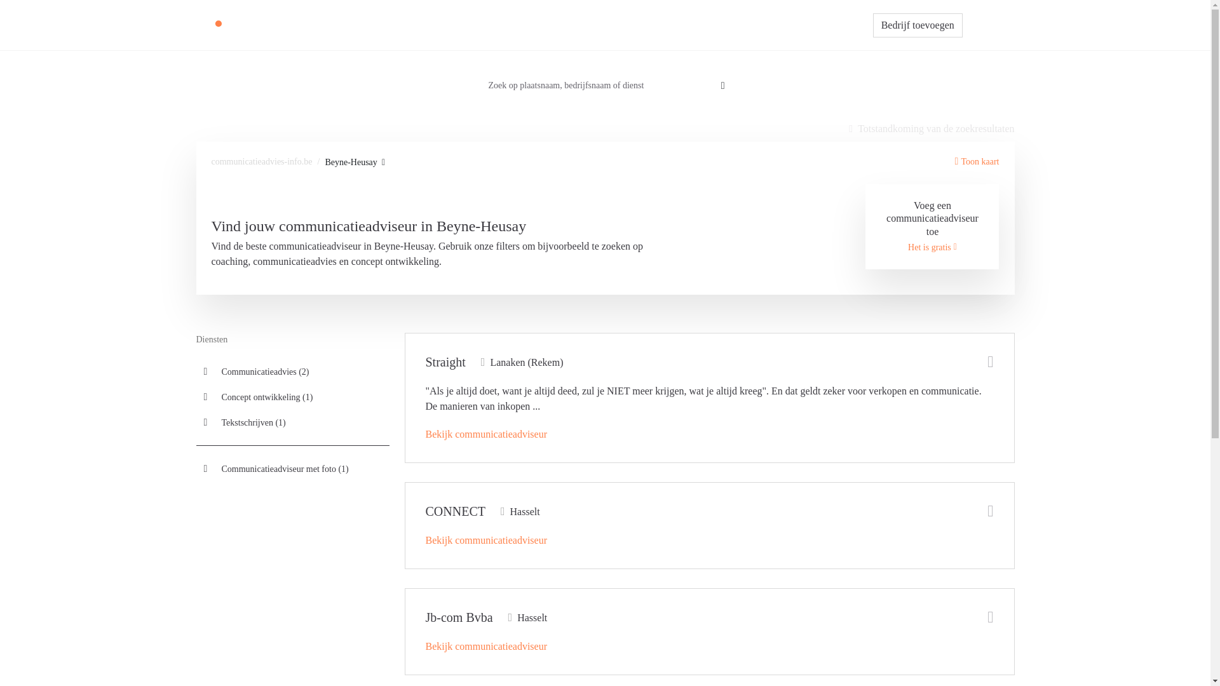 This screenshot has height=686, width=1220. I want to click on 'Beyne-Heusay', so click(324, 161).